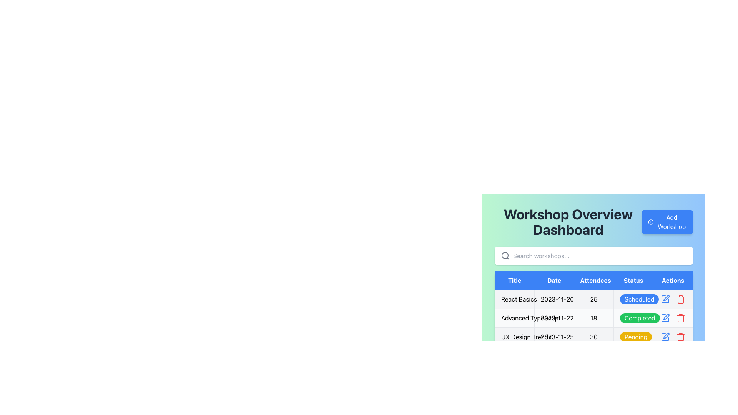  What do you see at coordinates (633, 336) in the screenshot?
I see `the 'Pending' status label in the third row of the workshop status table, which indicates the current status of the associated workshop` at bounding box center [633, 336].